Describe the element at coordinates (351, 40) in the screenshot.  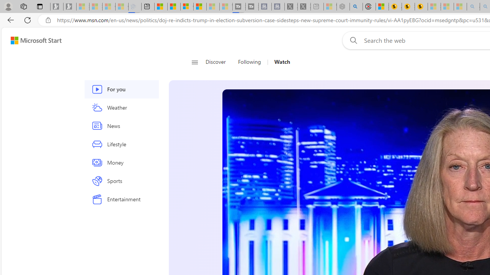
I see `'Web search'` at that location.